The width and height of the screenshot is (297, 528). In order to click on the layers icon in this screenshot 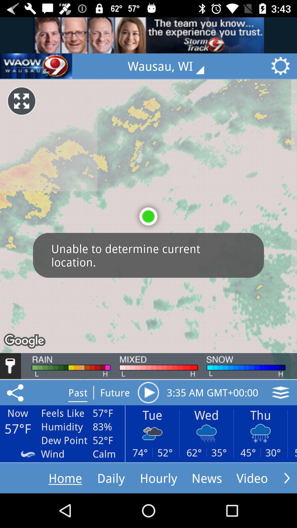, I will do `click(280, 392)`.